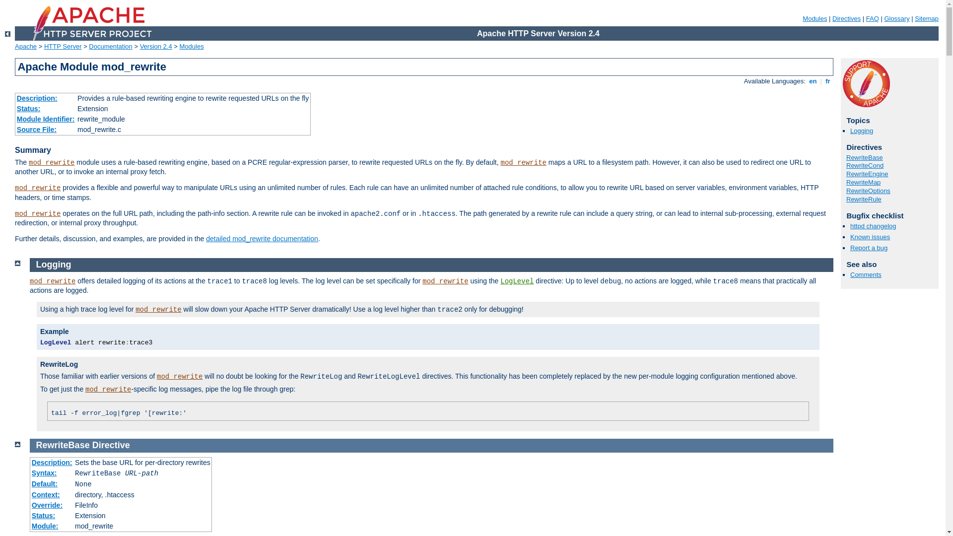  Describe the element at coordinates (108, 389) in the screenshot. I see `'mod_rewrite'` at that location.